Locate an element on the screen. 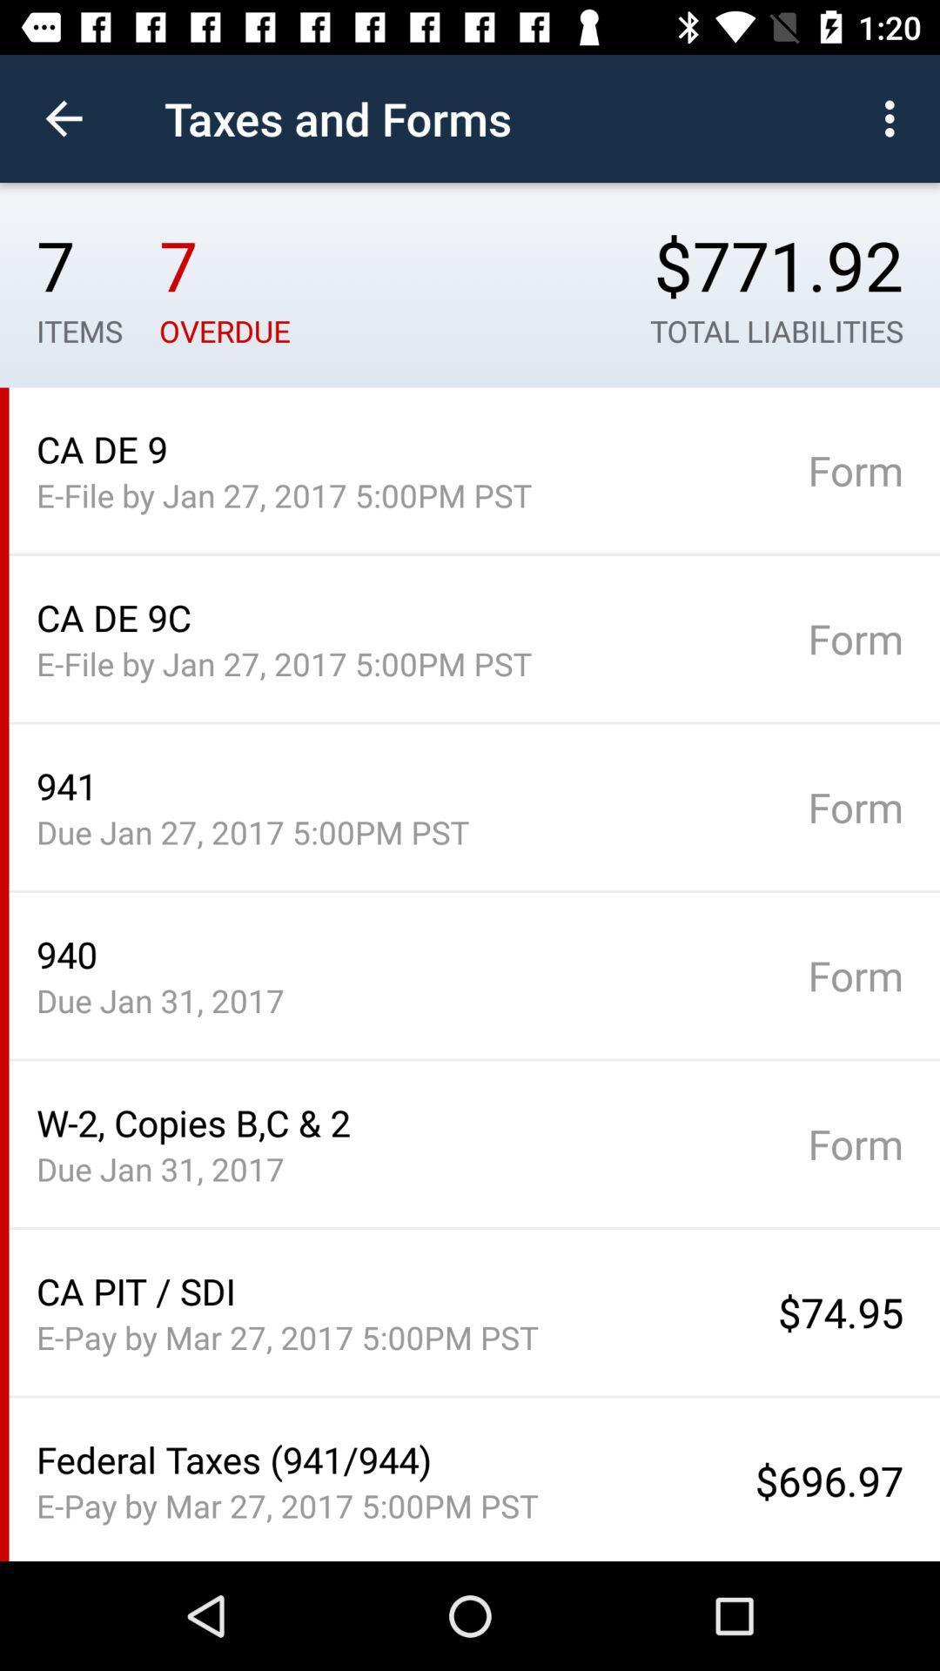 This screenshot has width=940, height=1671. icon to the right of the taxes and forms item is located at coordinates (894, 117).